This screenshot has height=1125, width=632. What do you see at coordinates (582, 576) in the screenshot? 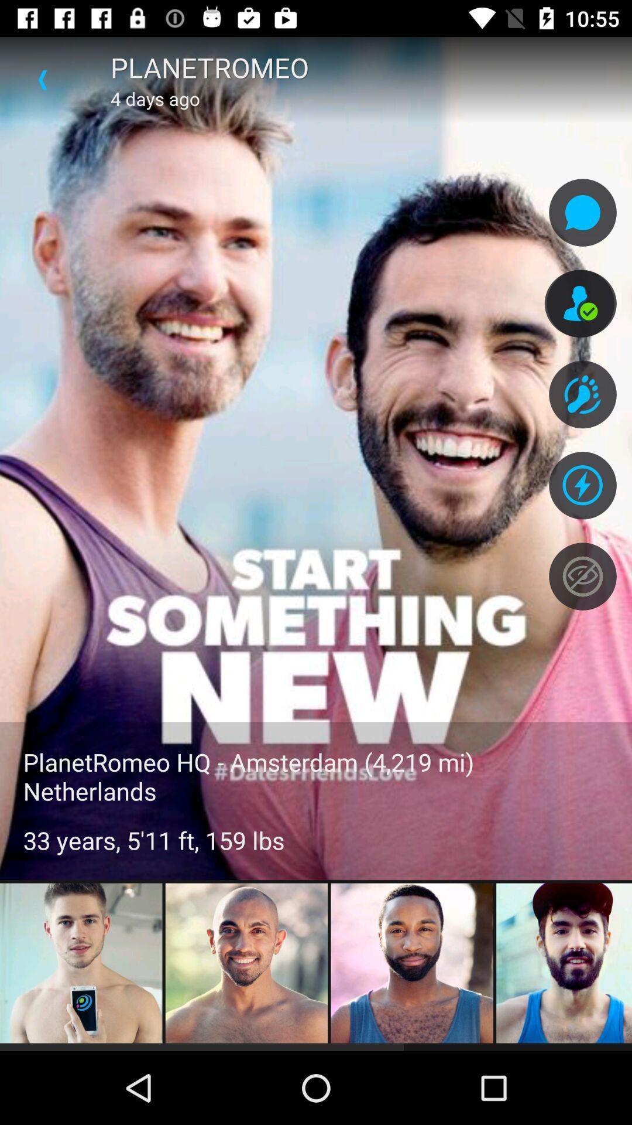
I see `the visibility icon` at bounding box center [582, 576].